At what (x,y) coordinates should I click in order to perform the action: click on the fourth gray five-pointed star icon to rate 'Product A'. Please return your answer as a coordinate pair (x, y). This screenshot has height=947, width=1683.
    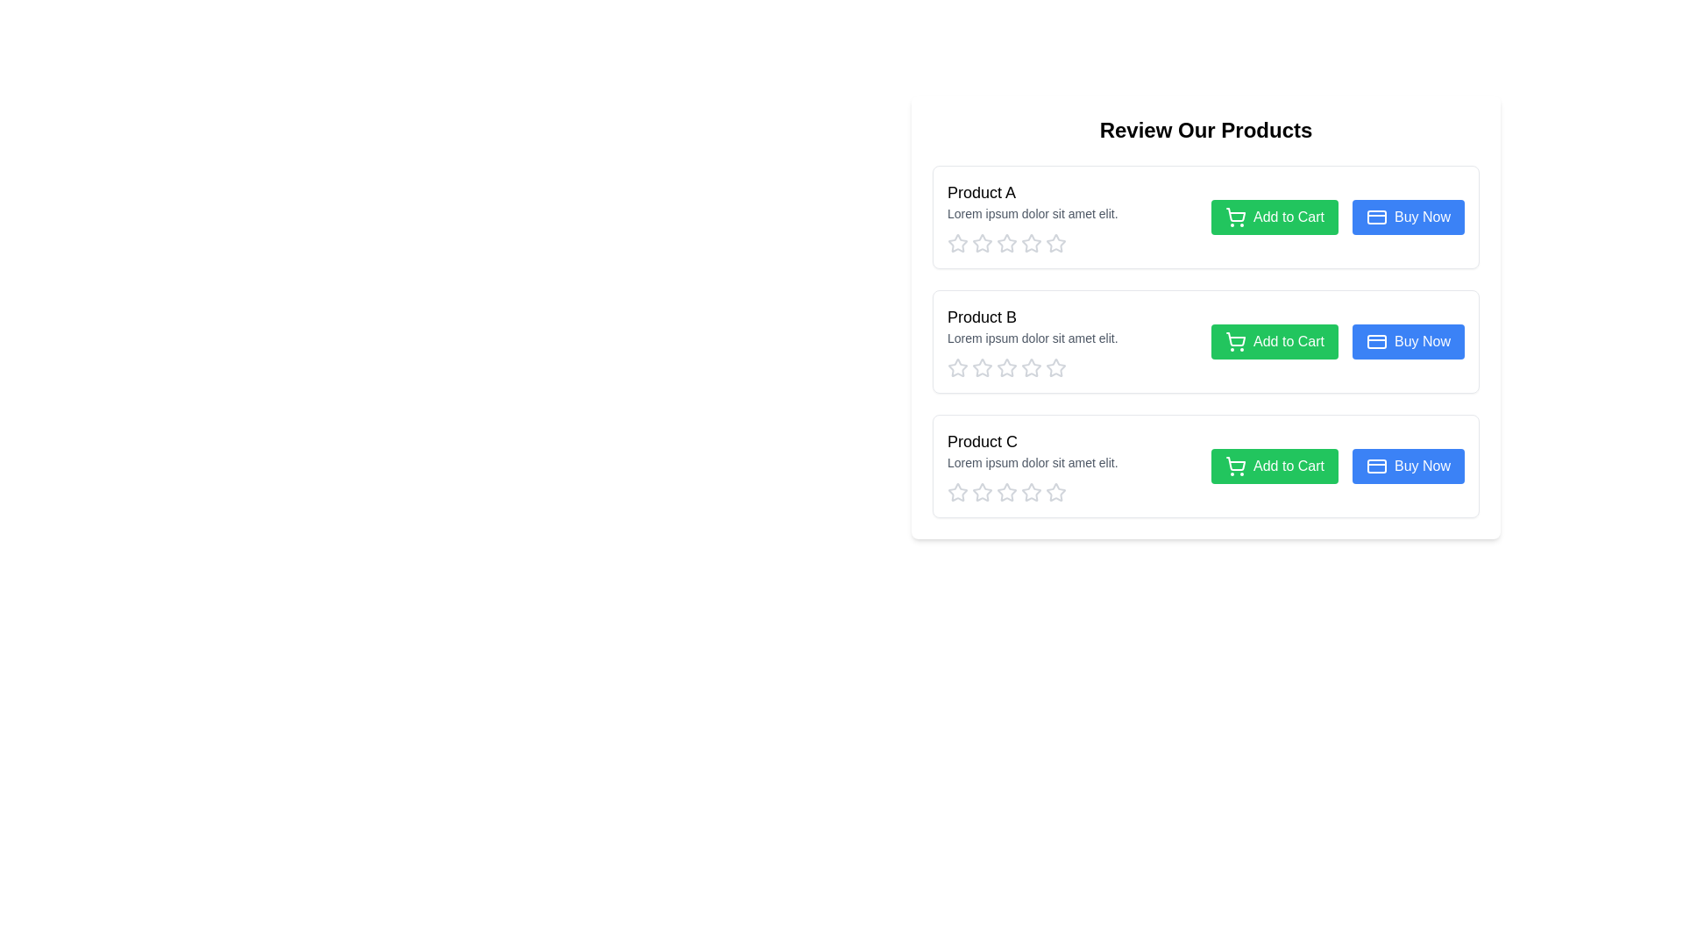
    Looking at the image, I should click on (1055, 243).